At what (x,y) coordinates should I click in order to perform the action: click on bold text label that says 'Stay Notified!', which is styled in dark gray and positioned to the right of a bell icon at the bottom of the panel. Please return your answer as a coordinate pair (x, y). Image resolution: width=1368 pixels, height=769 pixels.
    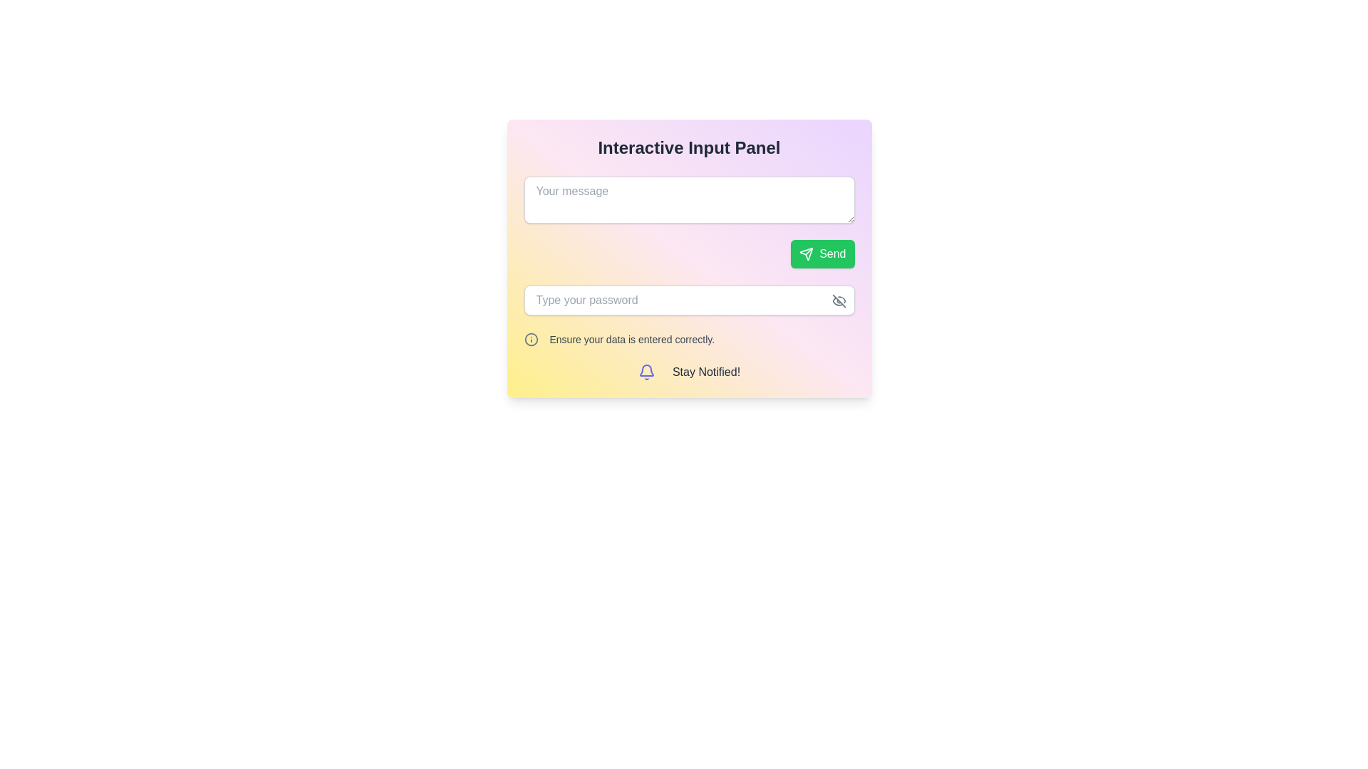
    Looking at the image, I should click on (706, 372).